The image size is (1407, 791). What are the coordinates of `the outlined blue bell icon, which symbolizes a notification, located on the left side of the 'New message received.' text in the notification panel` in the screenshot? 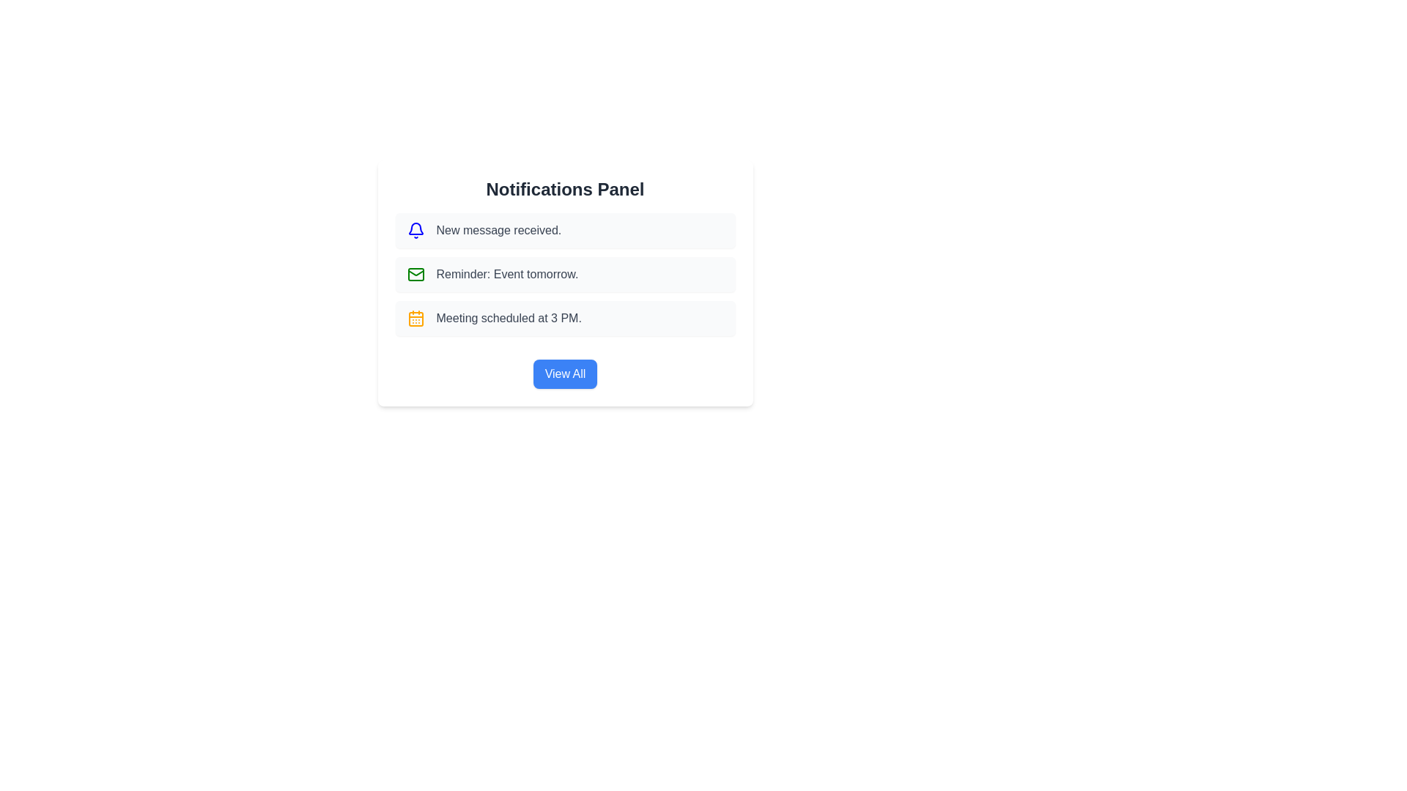 It's located at (415, 231).